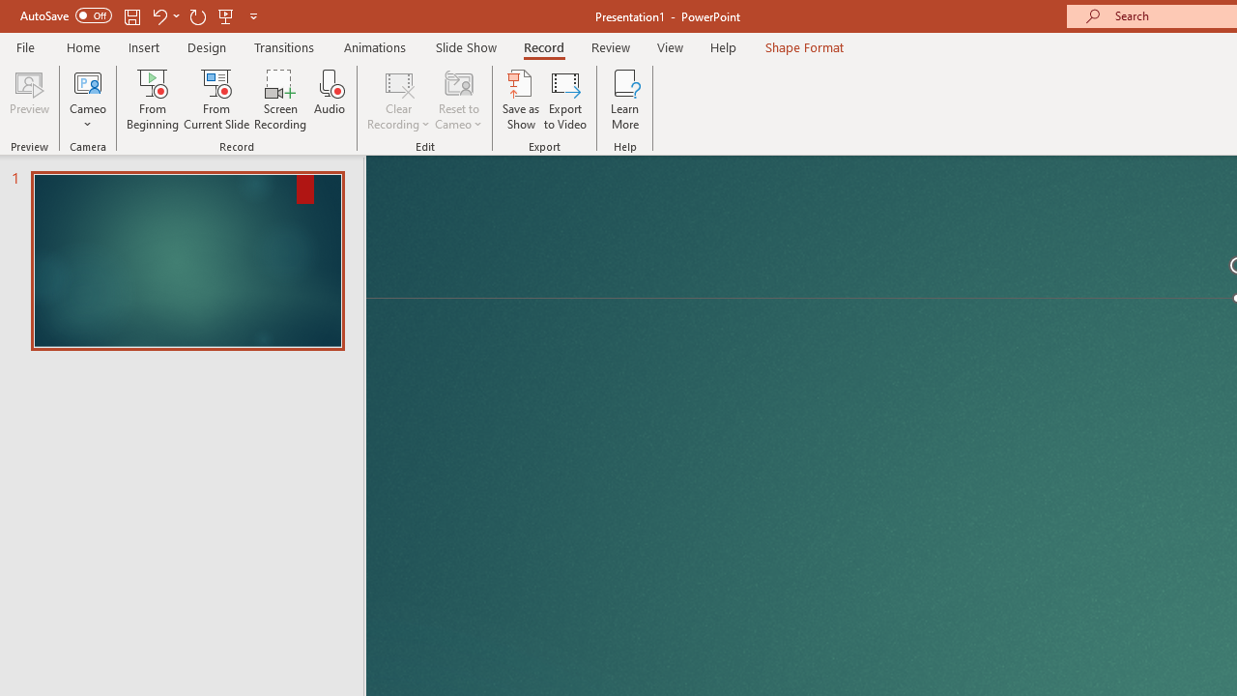 The height and width of the screenshot is (696, 1237). I want to click on 'From Beginning...', so click(152, 100).